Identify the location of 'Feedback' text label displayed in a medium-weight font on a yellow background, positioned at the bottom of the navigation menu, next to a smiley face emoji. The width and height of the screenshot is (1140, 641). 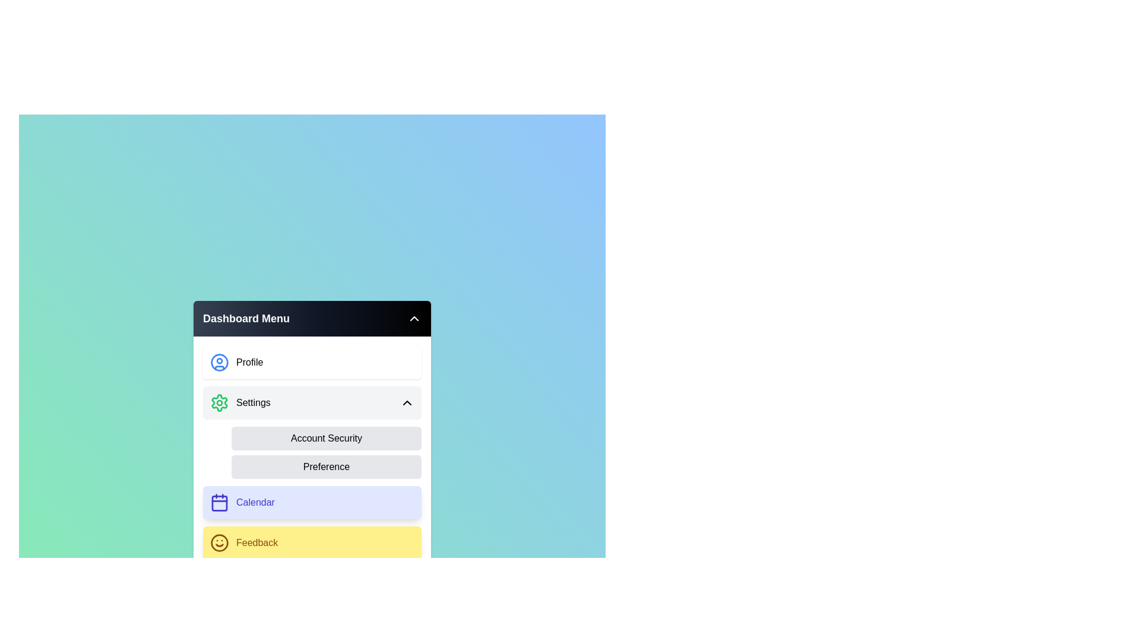
(256, 542).